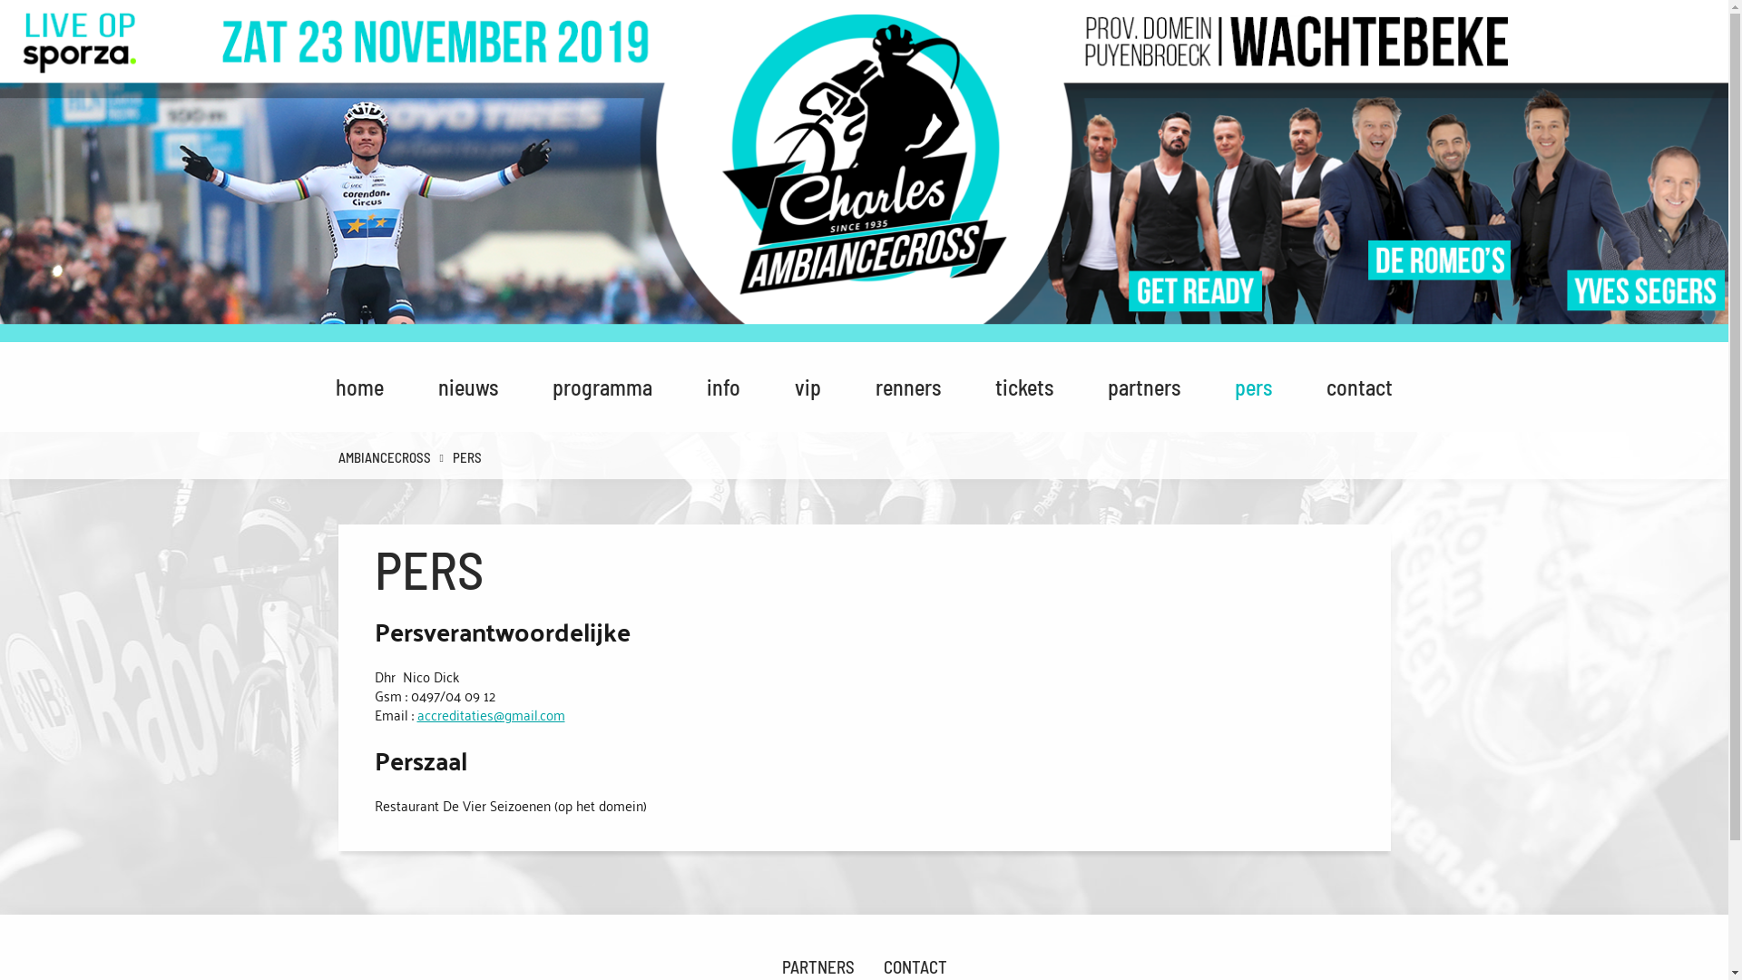 This screenshot has height=980, width=1742. I want to click on 'tickets', so click(1023, 386).